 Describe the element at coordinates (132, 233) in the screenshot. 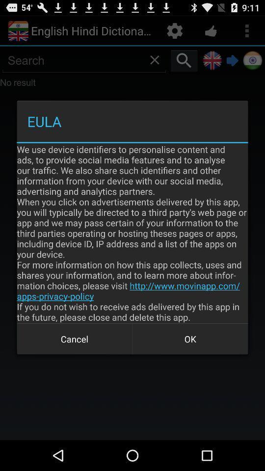

I see `item at the center` at that location.